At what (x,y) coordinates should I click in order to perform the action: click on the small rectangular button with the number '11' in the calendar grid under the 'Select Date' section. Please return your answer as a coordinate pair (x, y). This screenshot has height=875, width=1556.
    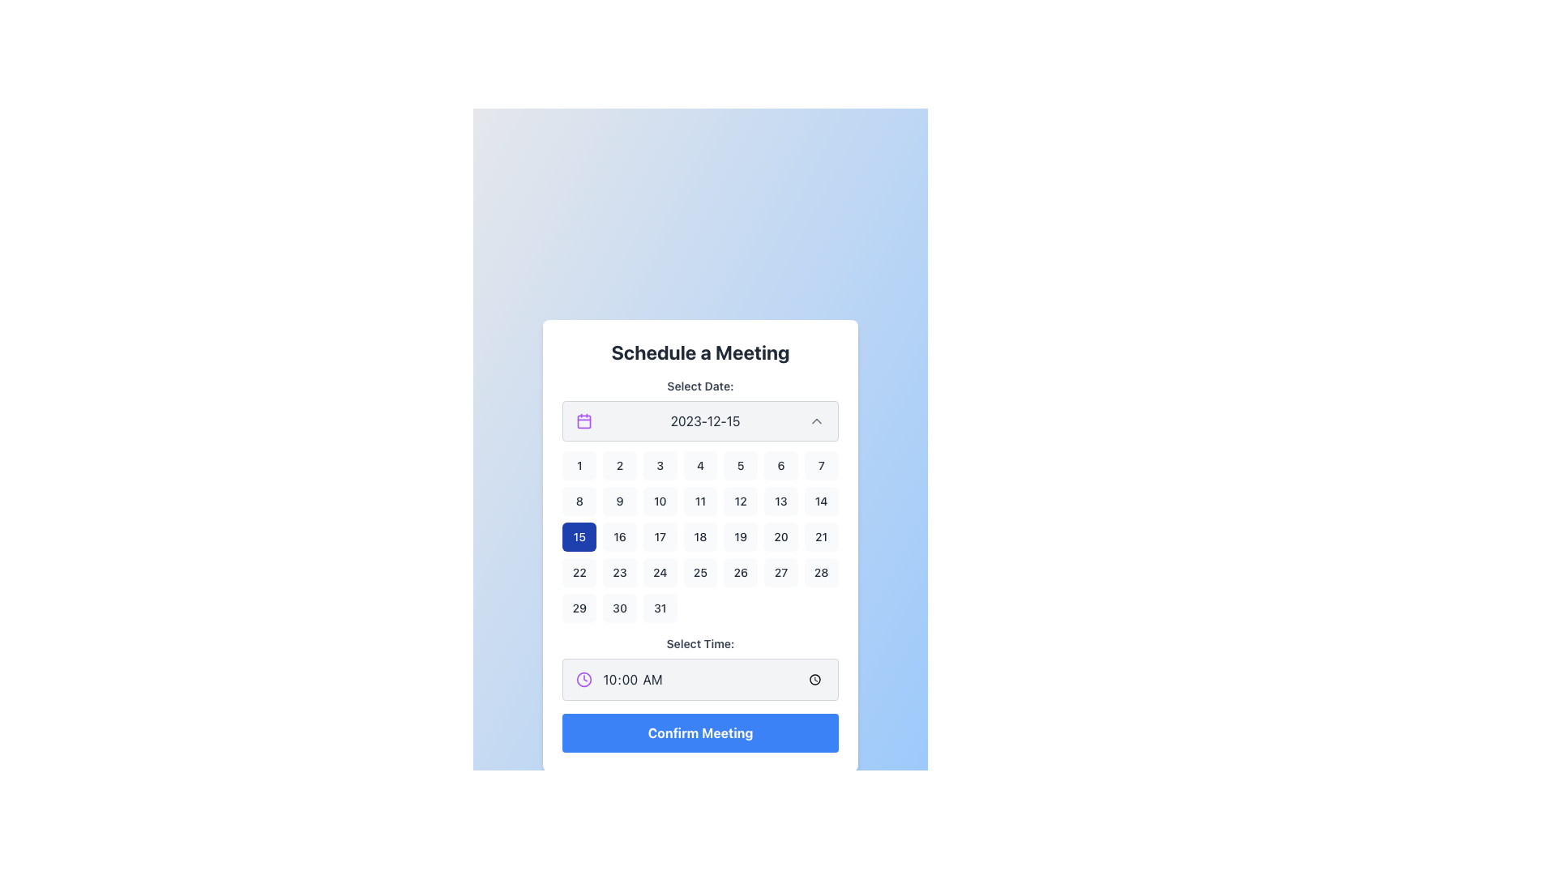
    Looking at the image, I should click on (700, 500).